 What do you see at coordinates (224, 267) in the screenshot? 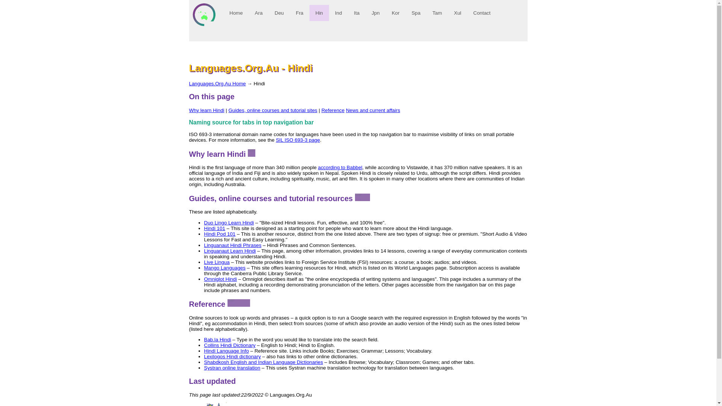
I see `'Mango Languages'` at bounding box center [224, 267].